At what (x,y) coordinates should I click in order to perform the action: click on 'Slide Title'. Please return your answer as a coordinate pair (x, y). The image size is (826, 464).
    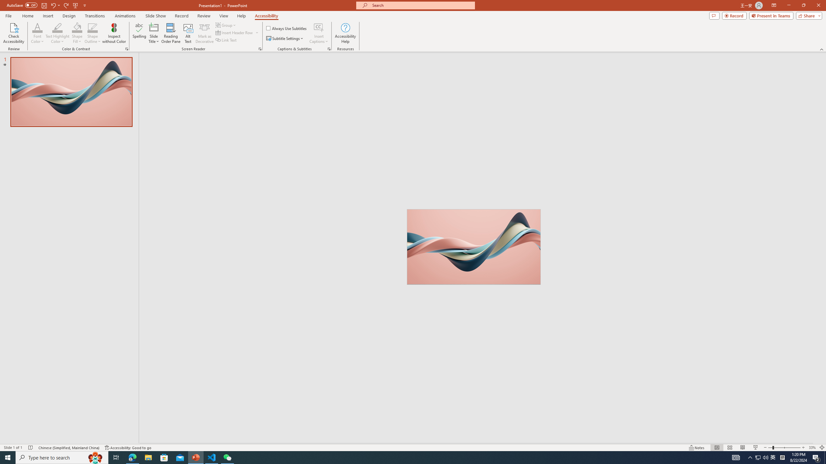
    Looking at the image, I should click on (154, 33).